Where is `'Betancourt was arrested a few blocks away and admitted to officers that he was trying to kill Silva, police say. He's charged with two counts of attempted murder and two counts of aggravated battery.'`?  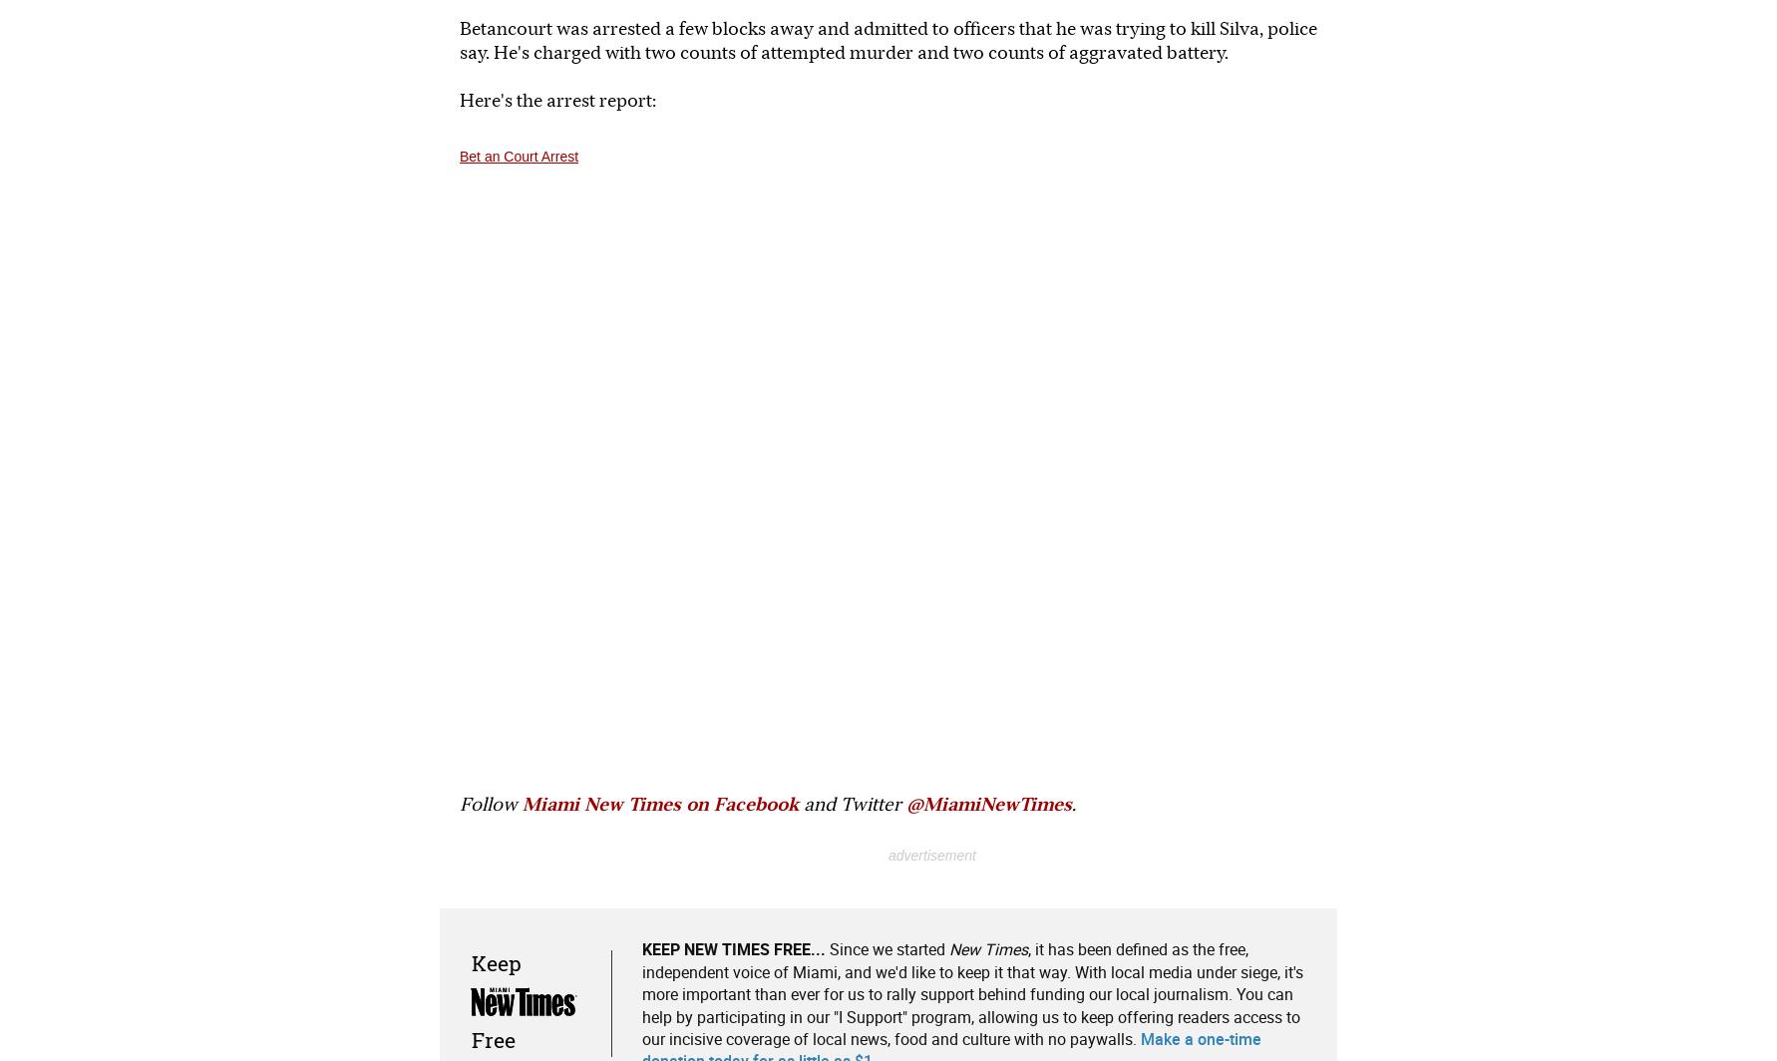
'Betancourt was arrested a few blocks away and admitted to officers that he was trying to kill Silva, police say. He's charged with two counts of attempted murder and two counts of aggravated battery.' is located at coordinates (888, 40).